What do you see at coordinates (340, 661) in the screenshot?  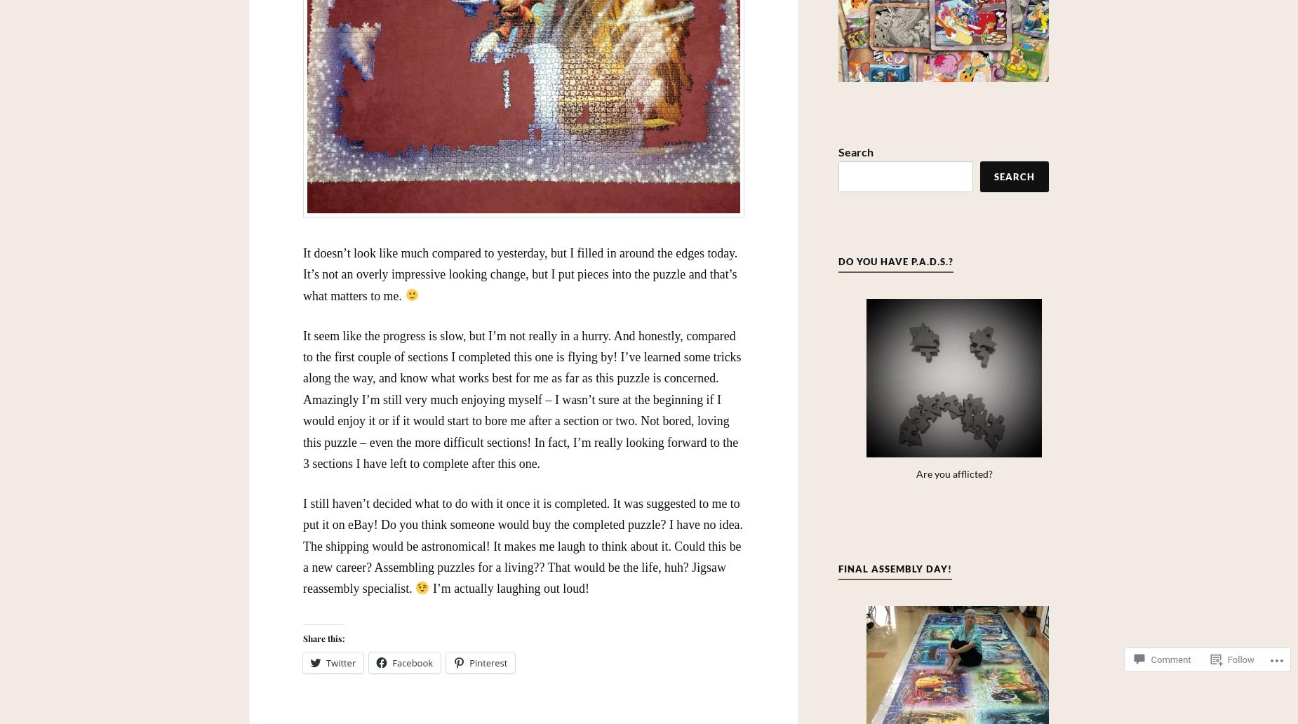 I see `'Twitter'` at bounding box center [340, 661].